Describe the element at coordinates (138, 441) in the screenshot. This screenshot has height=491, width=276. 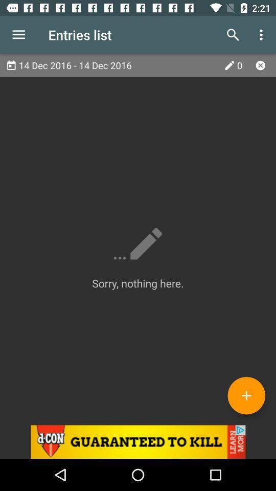
I see `advertisement` at that location.